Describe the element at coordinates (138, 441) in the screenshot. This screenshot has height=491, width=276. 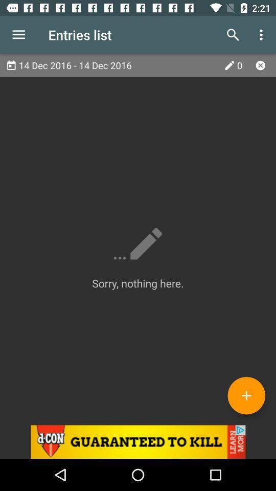
I see `advertisement` at that location.